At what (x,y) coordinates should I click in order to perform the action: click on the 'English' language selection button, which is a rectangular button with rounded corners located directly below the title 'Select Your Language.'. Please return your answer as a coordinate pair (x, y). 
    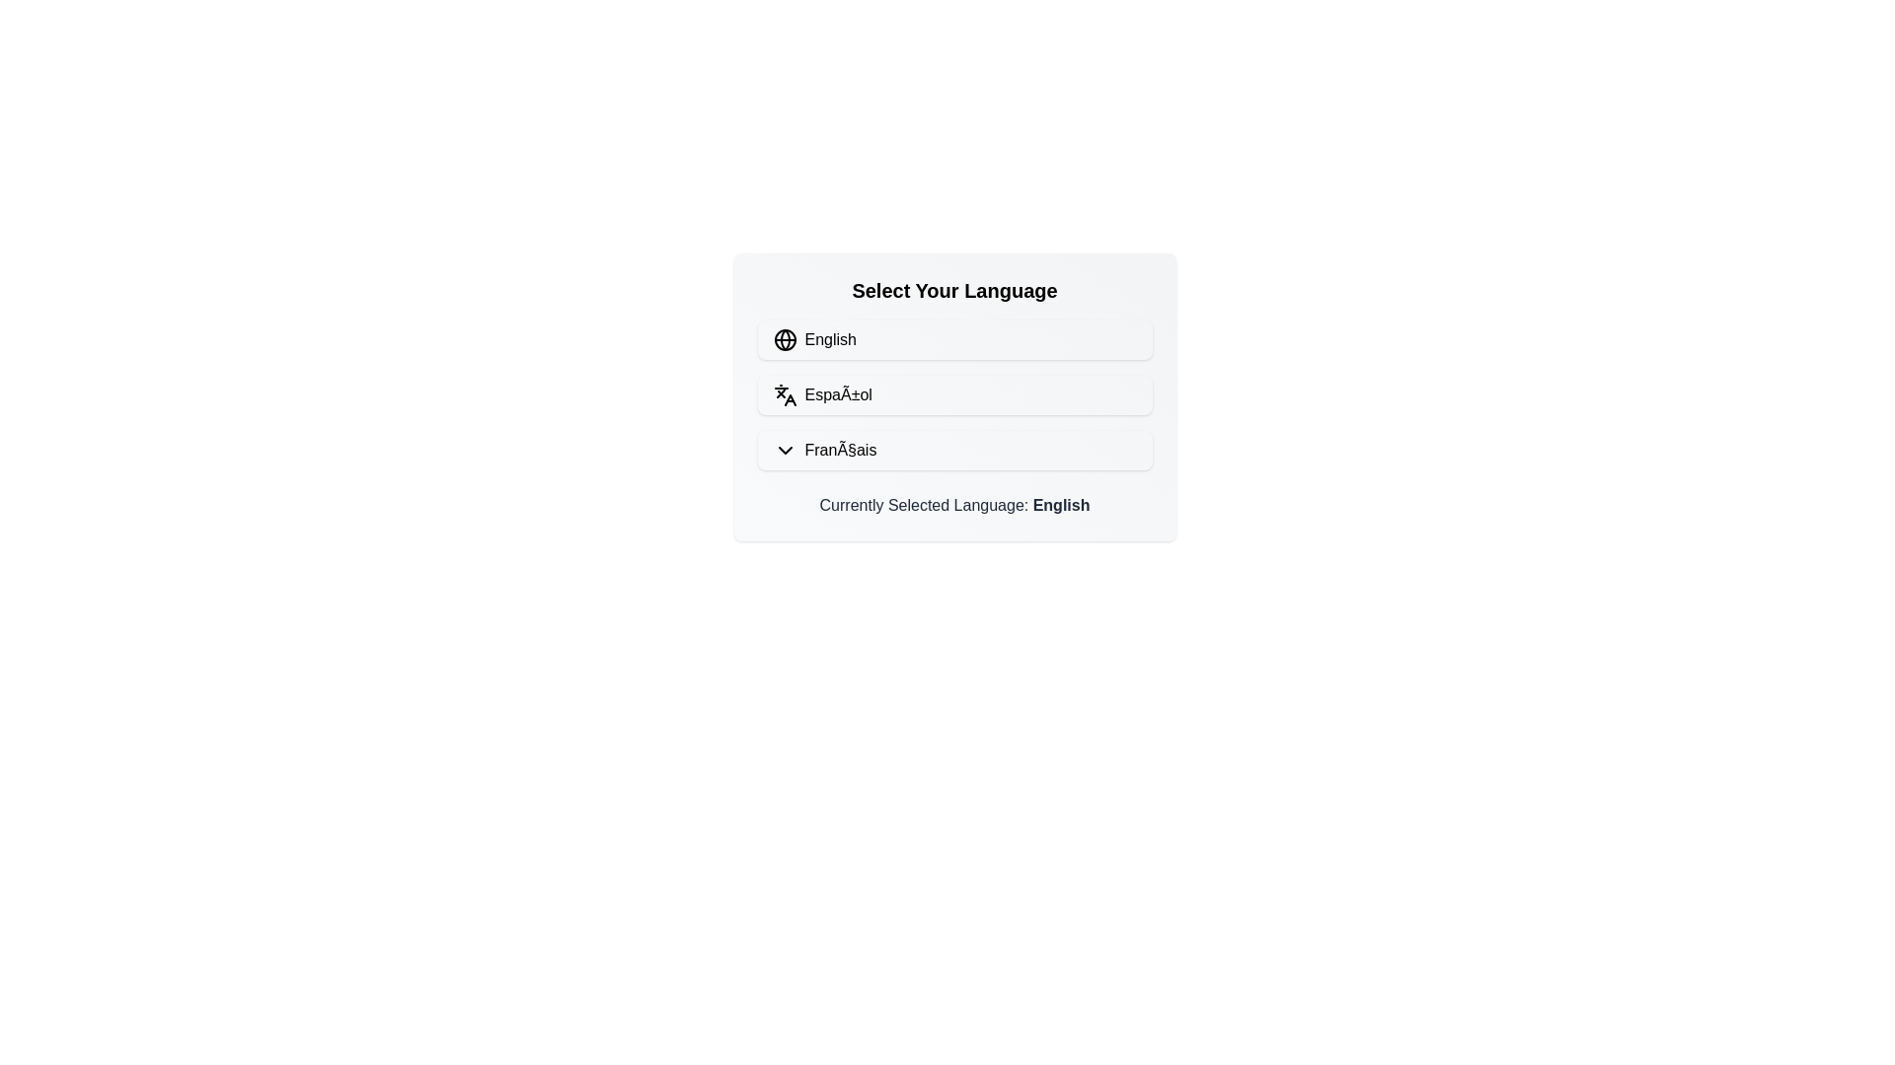
    Looking at the image, I should click on (954, 338).